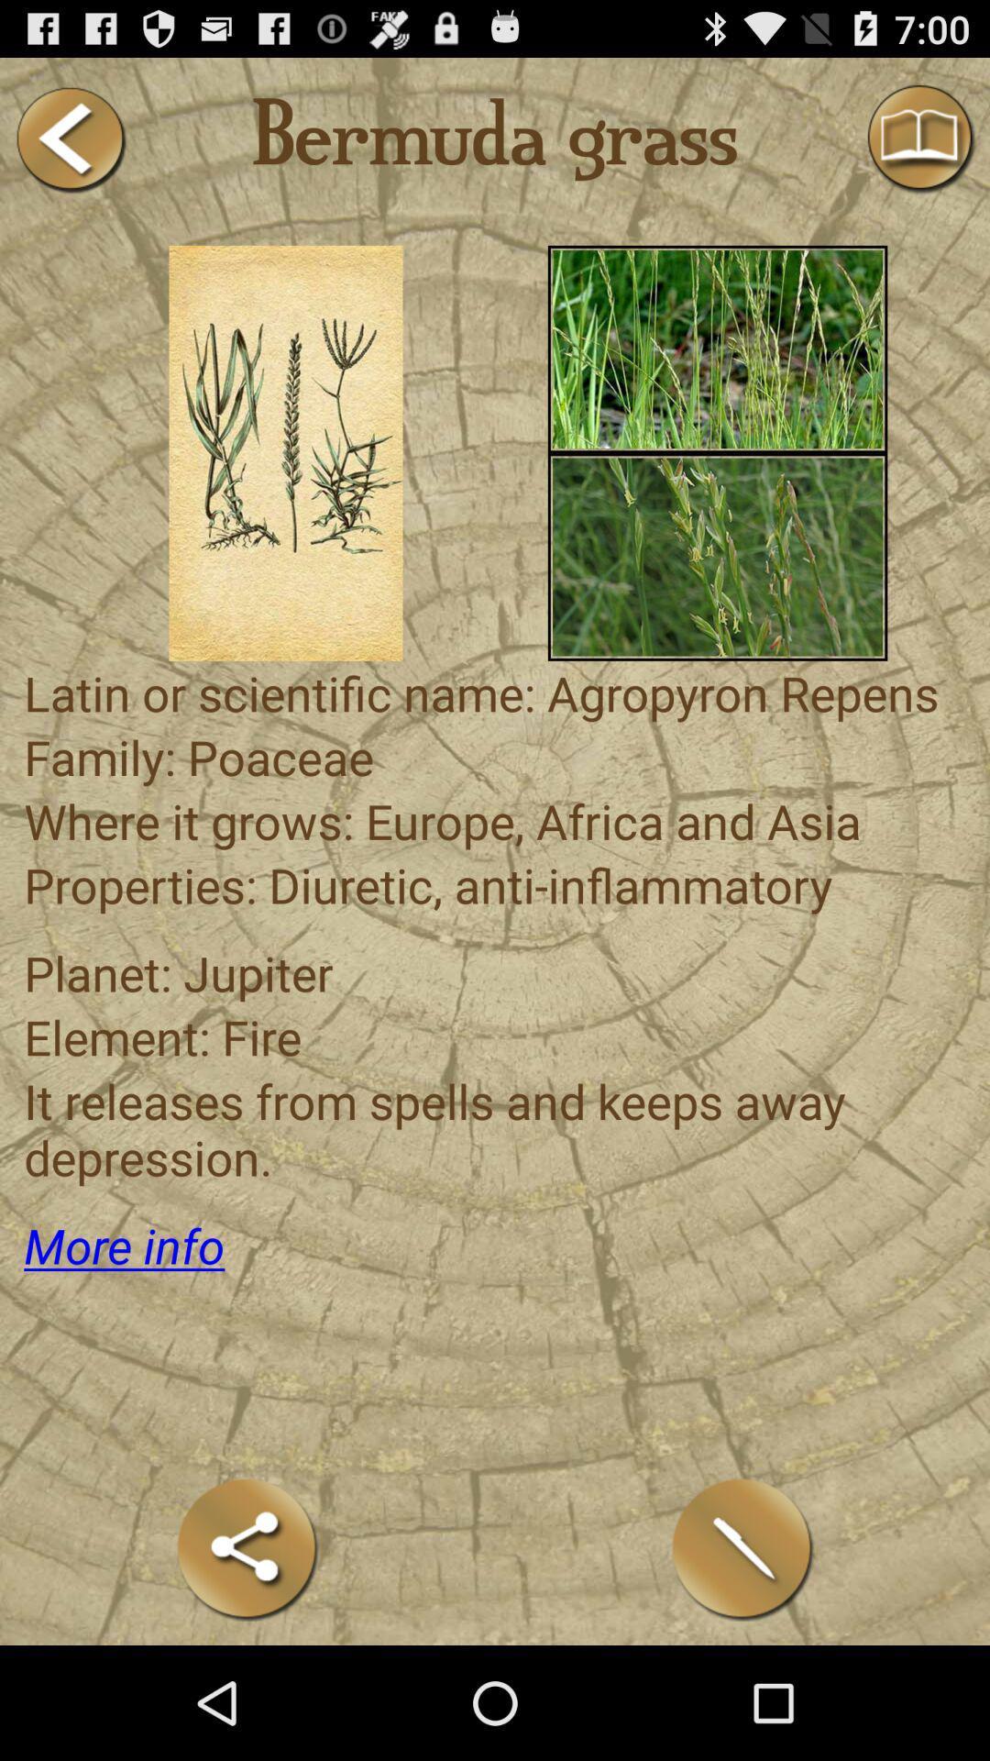 The image size is (990, 1761). Describe the element at coordinates (286, 453) in the screenshot. I see `choose the selection` at that location.